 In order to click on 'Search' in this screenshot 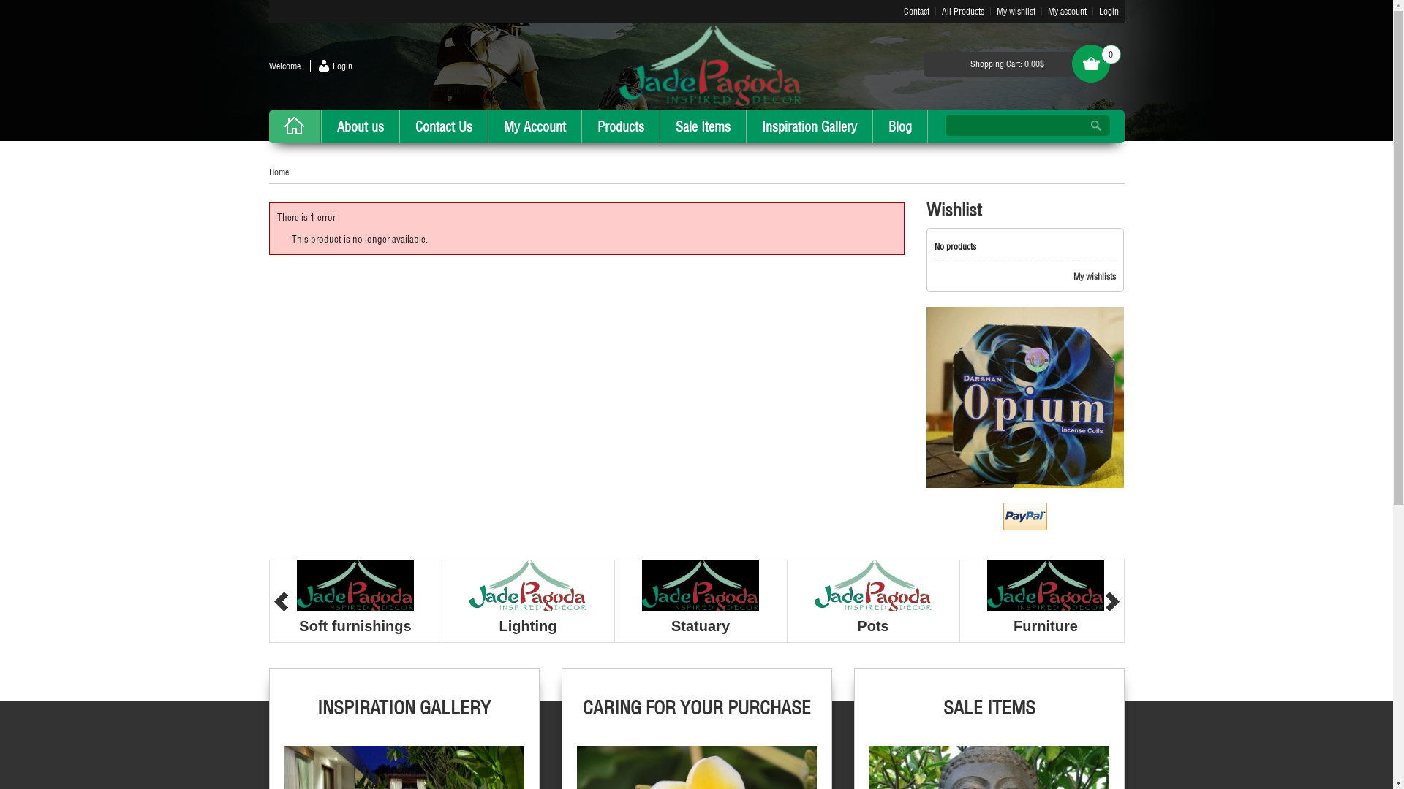, I will do `click(1081, 125)`.